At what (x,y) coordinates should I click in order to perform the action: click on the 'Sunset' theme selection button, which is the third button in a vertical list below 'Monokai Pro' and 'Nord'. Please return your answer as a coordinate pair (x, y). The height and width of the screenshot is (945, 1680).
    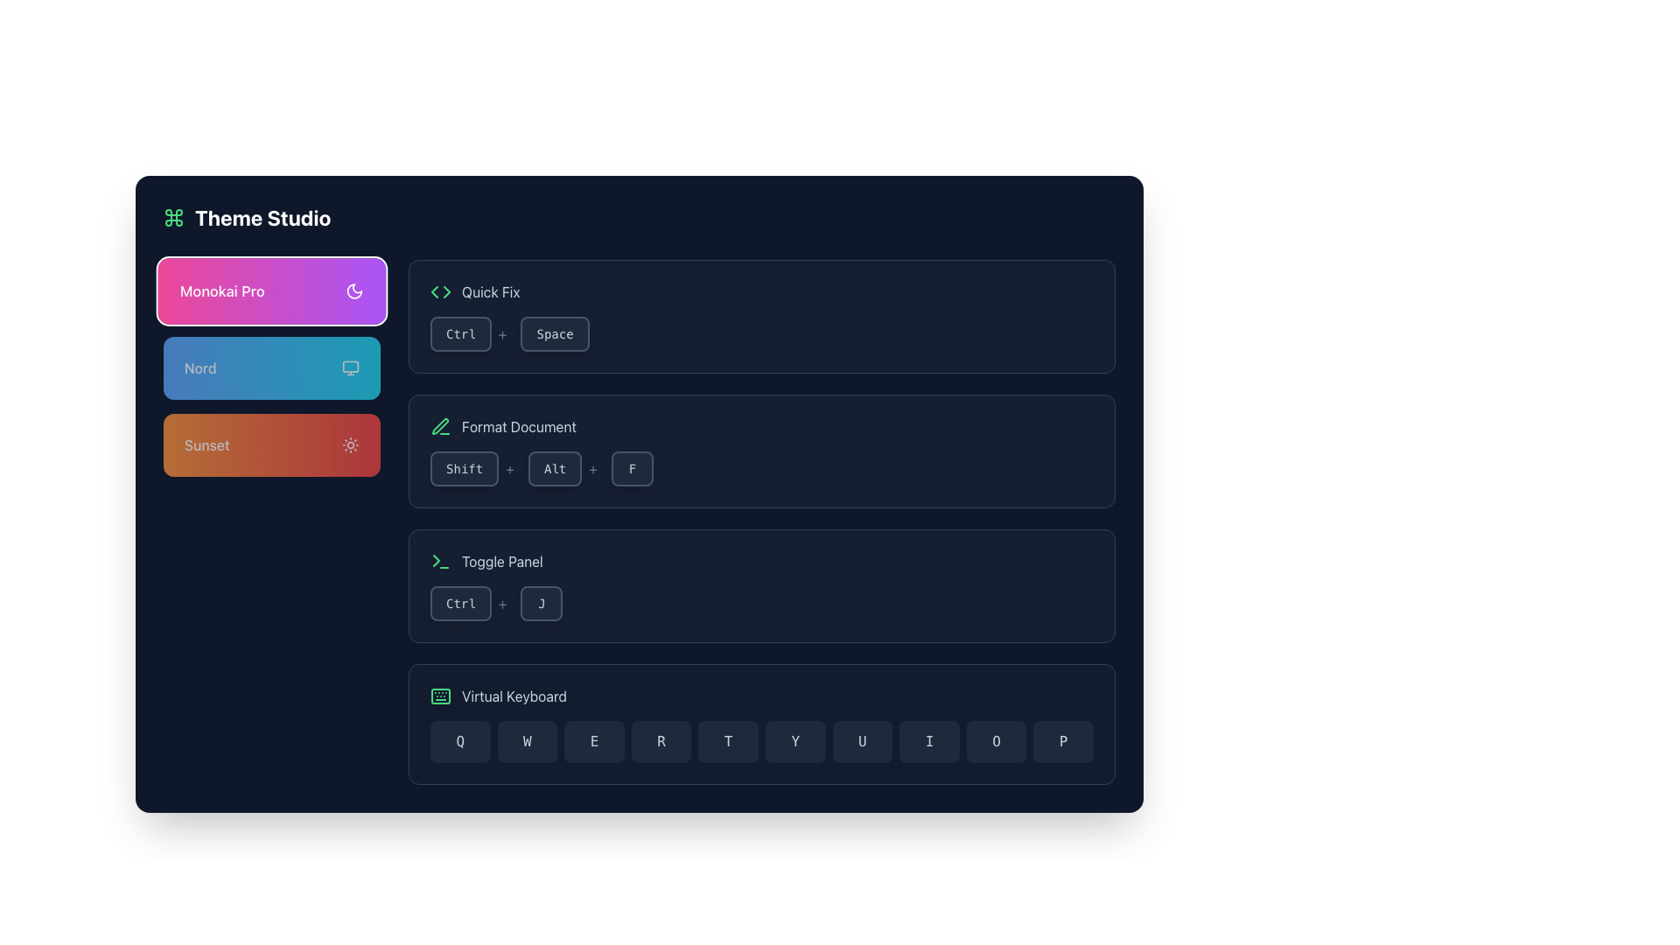
    Looking at the image, I should click on (271, 444).